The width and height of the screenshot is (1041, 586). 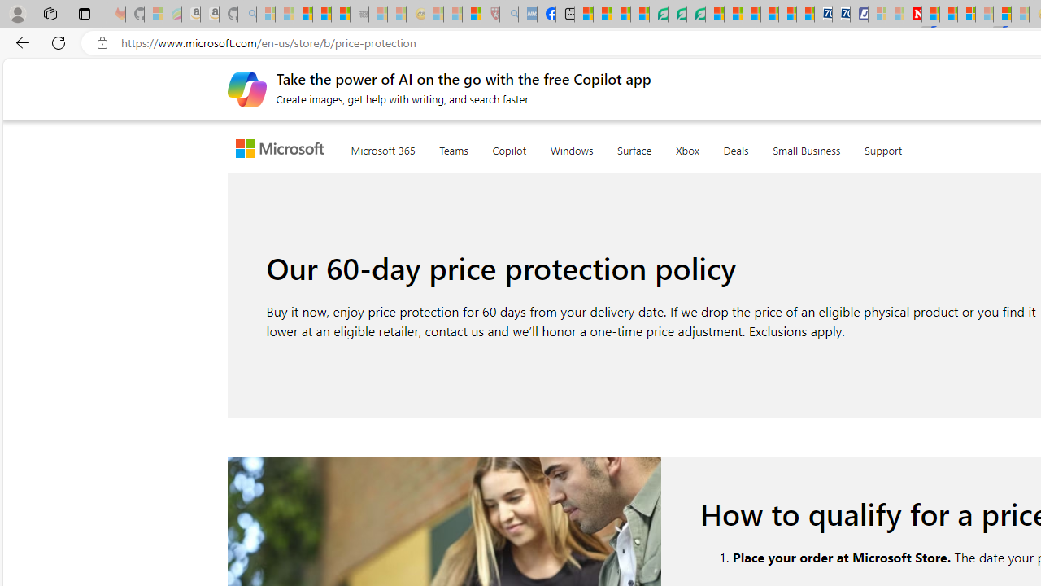 I want to click on 'Local - MSN', so click(x=471, y=14).